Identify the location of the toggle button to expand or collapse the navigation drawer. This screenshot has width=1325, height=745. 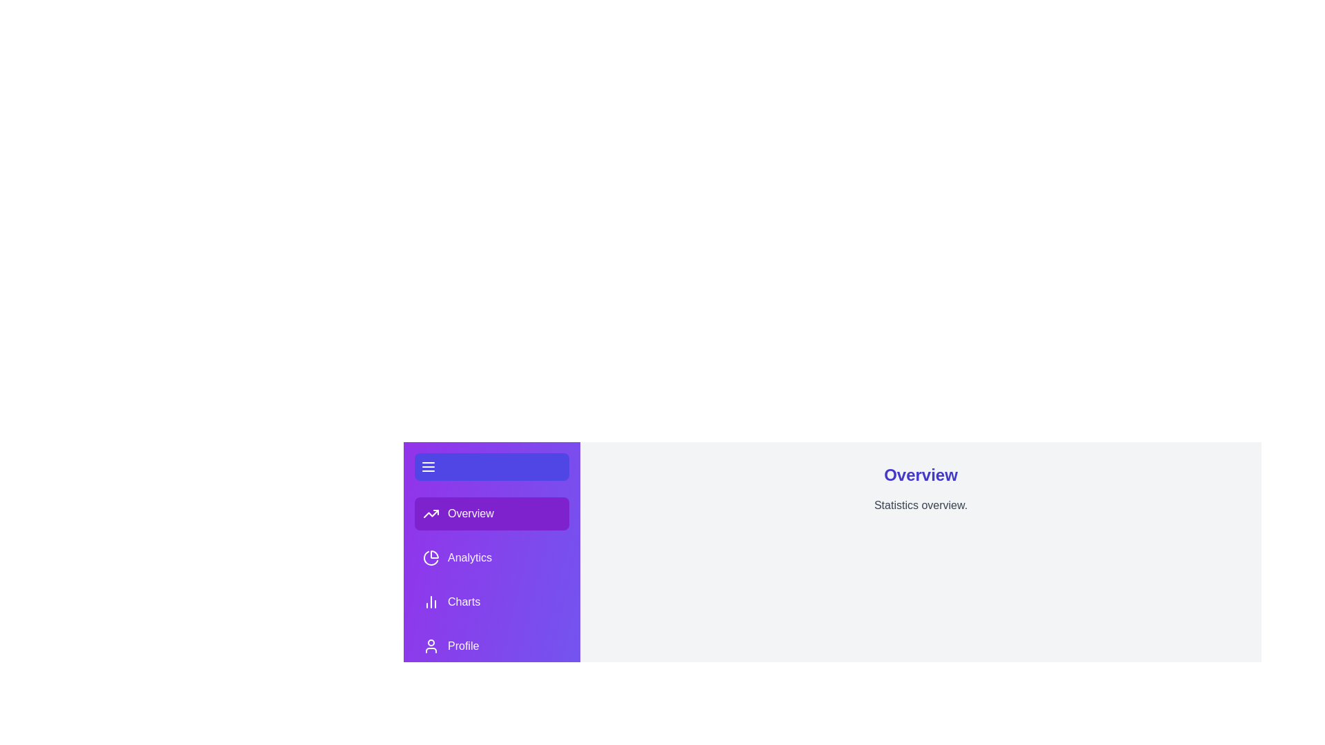
(492, 466).